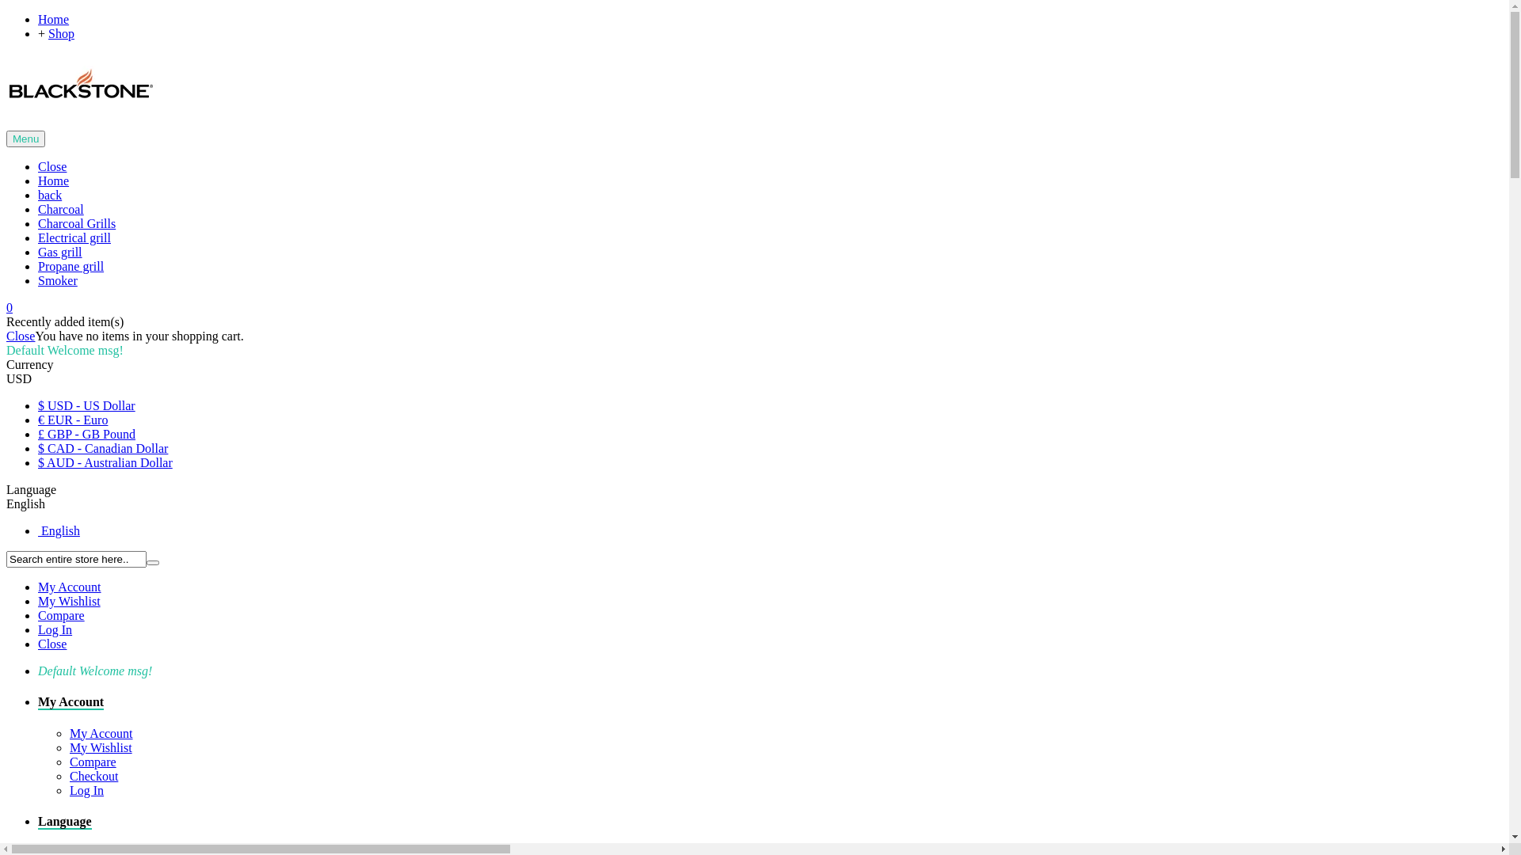 This screenshot has width=1521, height=855. I want to click on '$ AUD - Australian Dollar', so click(38, 462).